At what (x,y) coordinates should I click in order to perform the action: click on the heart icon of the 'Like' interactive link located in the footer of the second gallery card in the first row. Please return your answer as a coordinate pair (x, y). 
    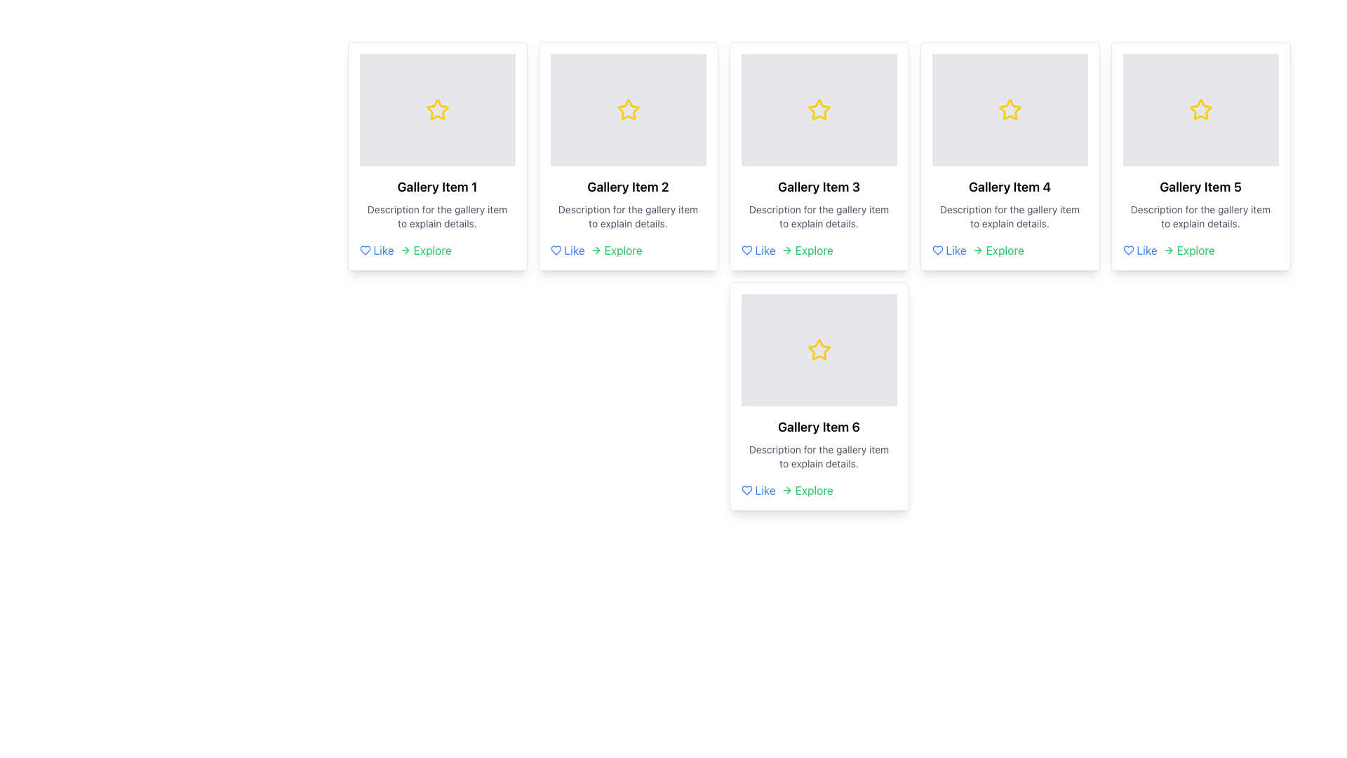
    Looking at the image, I should click on (568, 250).